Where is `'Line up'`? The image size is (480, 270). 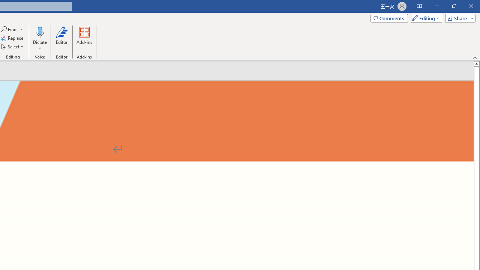
'Line up' is located at coordinates (476, 63).